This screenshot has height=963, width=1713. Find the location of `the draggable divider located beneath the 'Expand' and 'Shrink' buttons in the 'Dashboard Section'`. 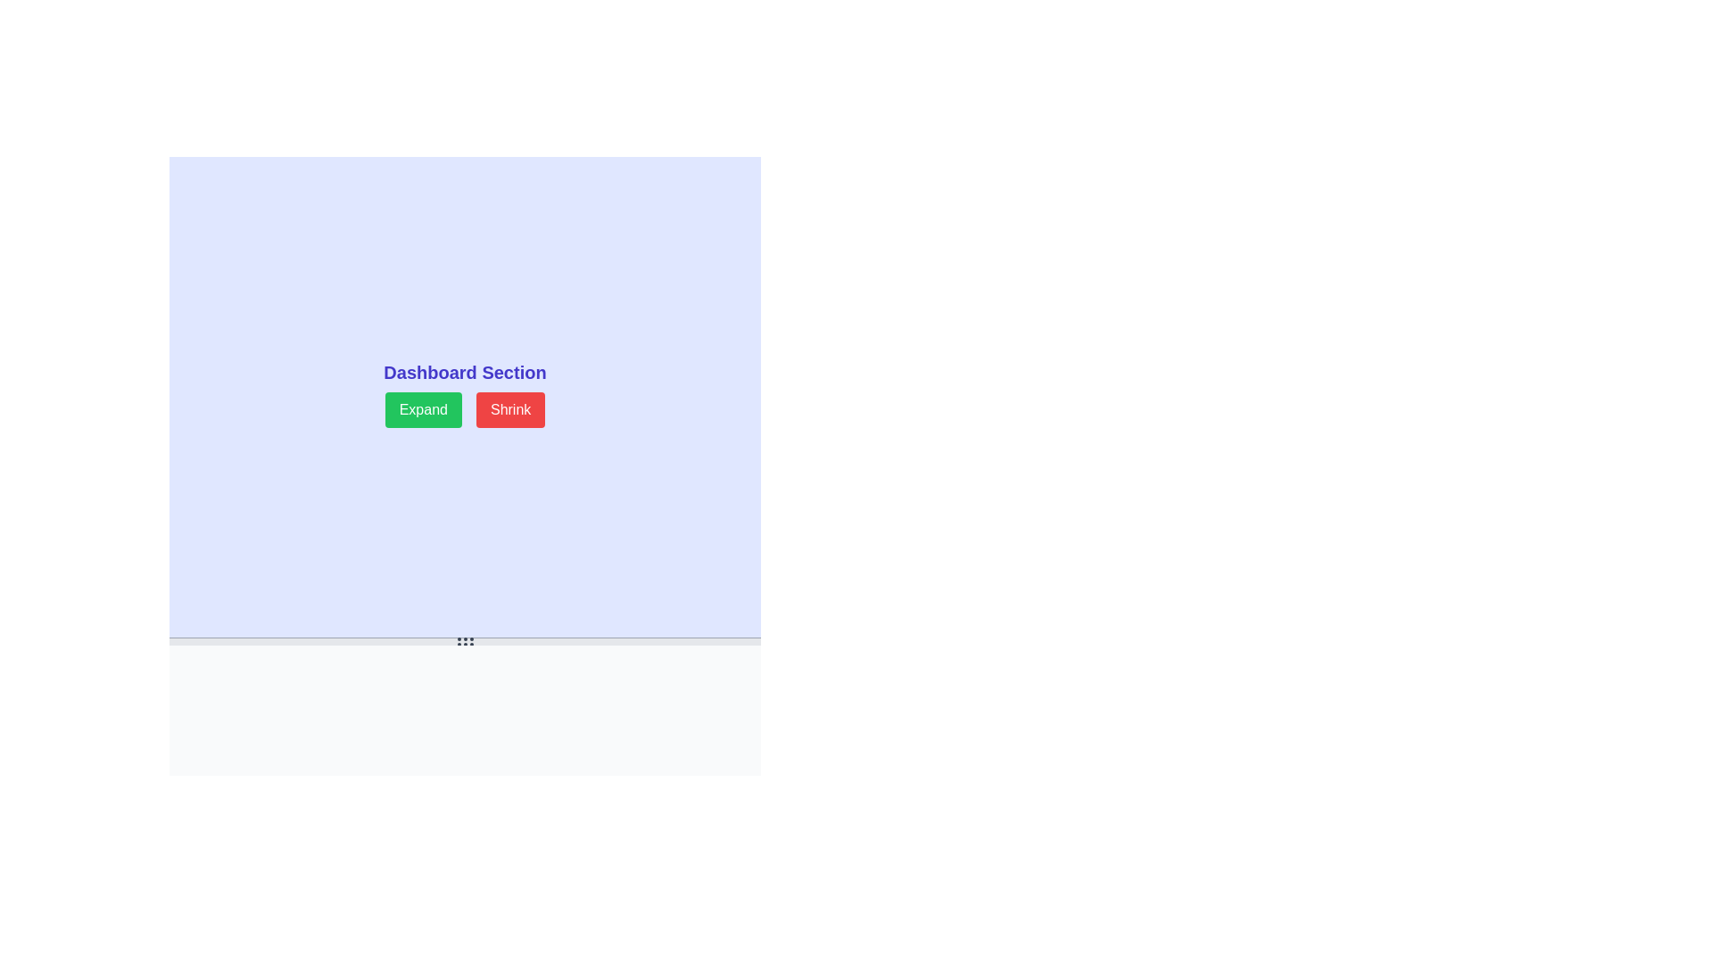

the draggable divider located beneath the 'Expand' and 'Shrink' buttons in the 'Dashboard Section' is located at coordinates (465, 642).